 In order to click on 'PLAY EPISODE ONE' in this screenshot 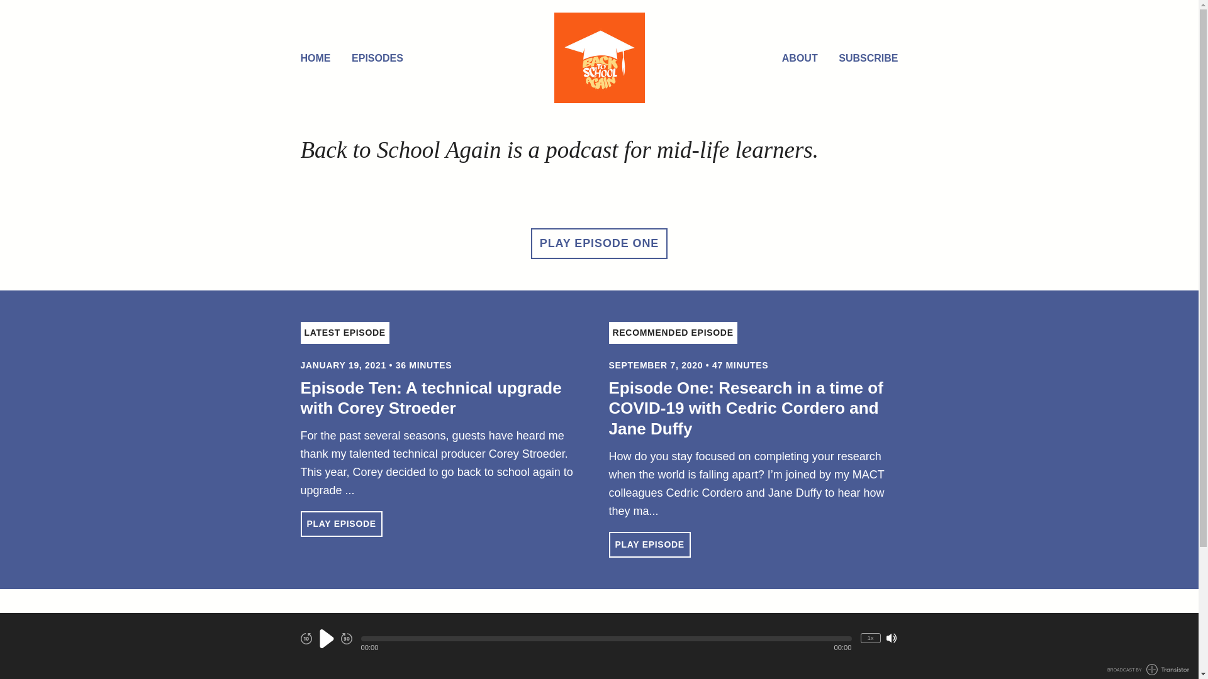, I will do `click(531, 243)`.